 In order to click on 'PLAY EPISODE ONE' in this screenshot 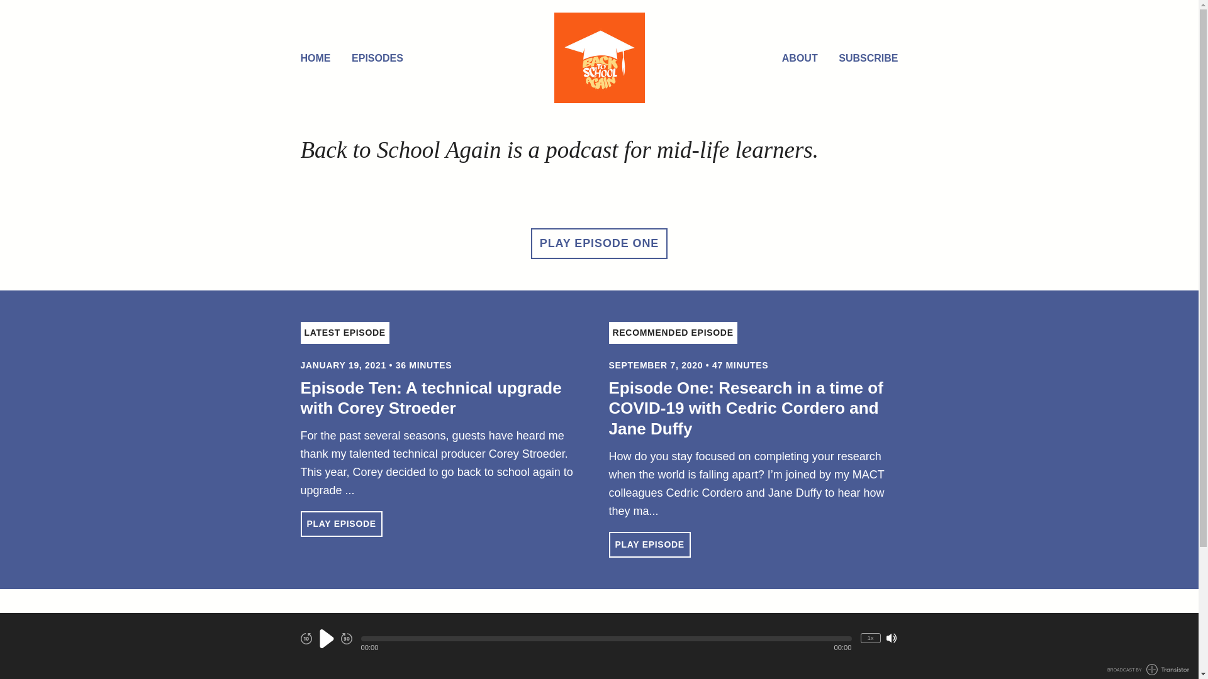, I will do `click(531, 243)`.